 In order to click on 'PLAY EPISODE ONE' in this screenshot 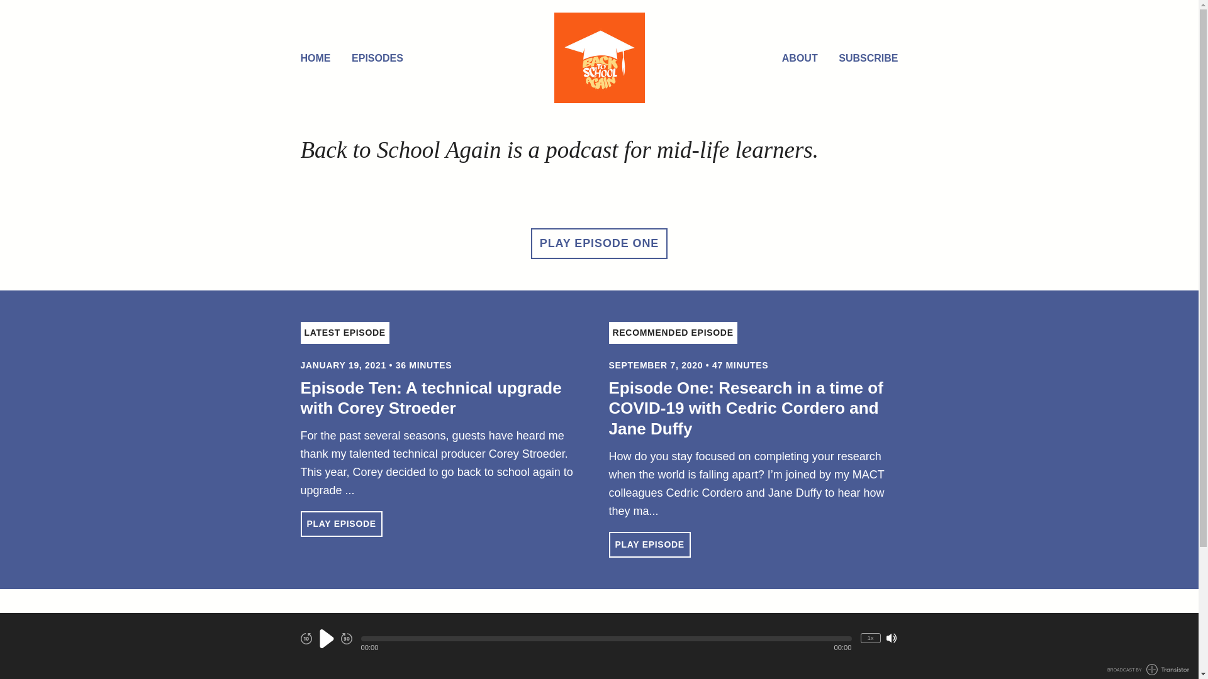, I will do `click(531, 243)`.